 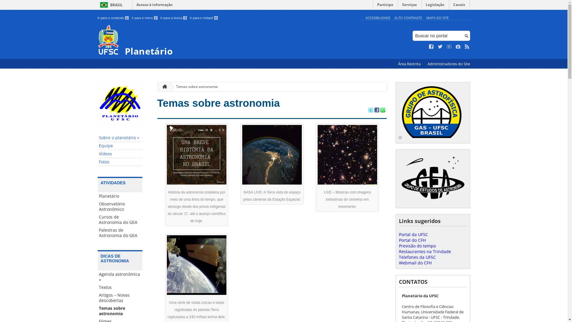 What do you see at coordinates (426, 17) in the screenshot?
I see `'MAPA DO SITE'` at bounding box center [426, 17].